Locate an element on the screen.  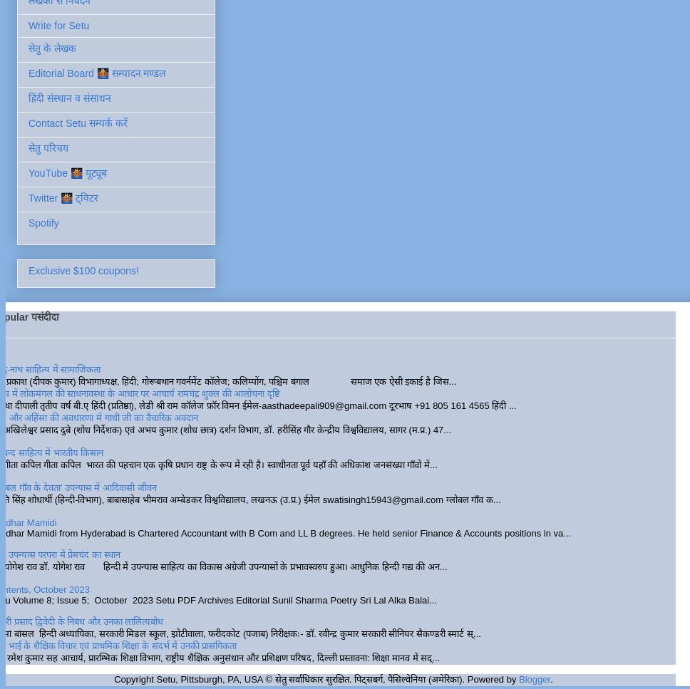
'Exclusive $100 coupons!' is located at coordinates (83, 269).